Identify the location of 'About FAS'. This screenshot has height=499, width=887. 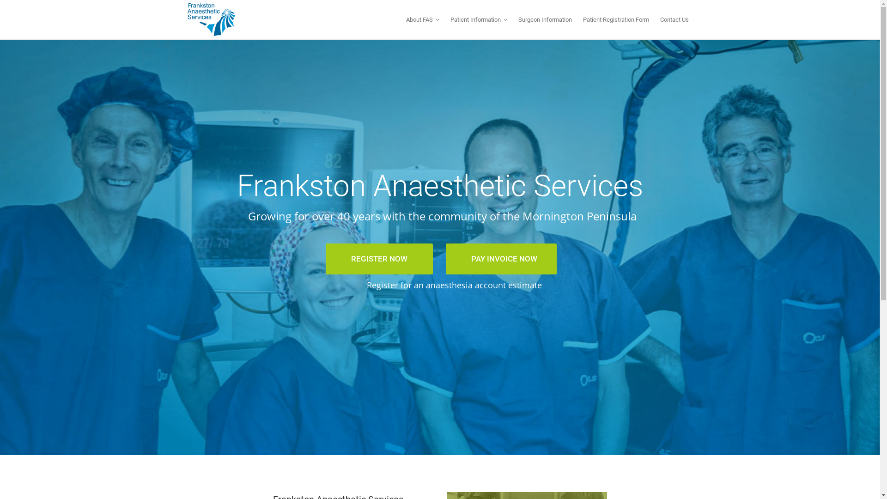
(421, 19).